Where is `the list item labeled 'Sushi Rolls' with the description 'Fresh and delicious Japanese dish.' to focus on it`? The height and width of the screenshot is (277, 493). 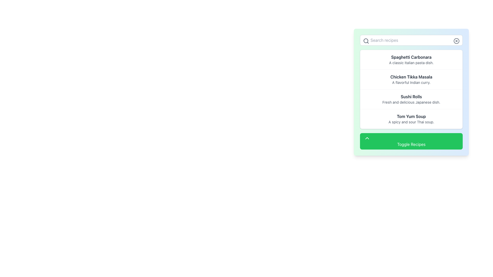
the list item labeled 'Sushi Rolls' with the description 'Fresh and delicious Japanese dish.' to focus on it is located at coordinates (411, 92).